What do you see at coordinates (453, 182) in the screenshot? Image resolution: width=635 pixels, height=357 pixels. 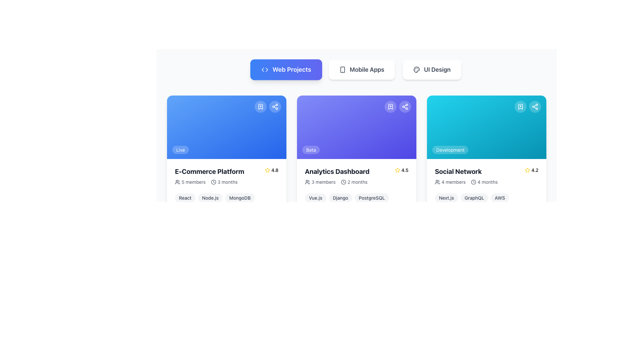 I see `the text label displaying '4 members', which is styled in a small-sized gray font and indicates the number of members for the 'Social Network' project card` at bounding box center [453, 182].